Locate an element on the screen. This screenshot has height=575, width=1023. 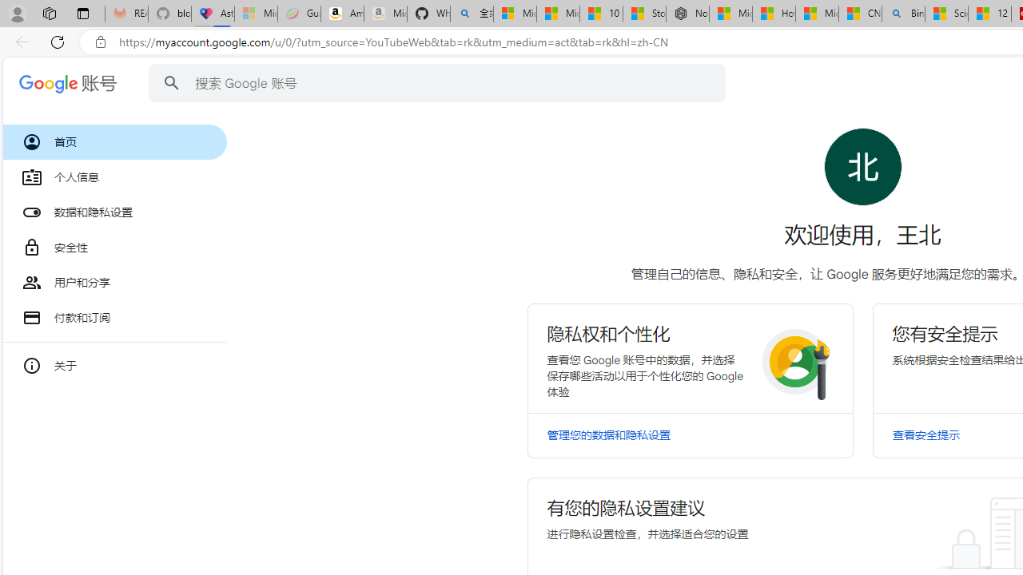
'Class: RlFDUe N5YmOc kJXJmd bvW4md I6g62c' is located at coordinates (691, 357).